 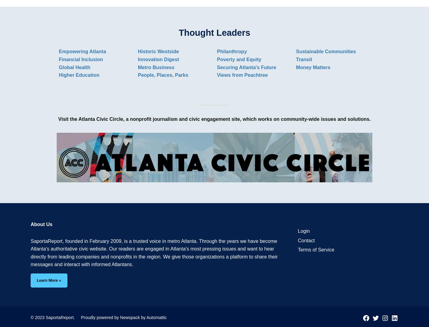 I want to click on '© 2023 SaportaReport.', so click(x=53, y=317).